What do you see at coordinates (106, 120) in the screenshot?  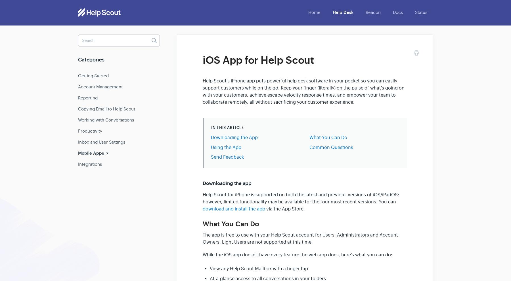 I see `'Working with Conversations'` at bounding box center [106, 120].